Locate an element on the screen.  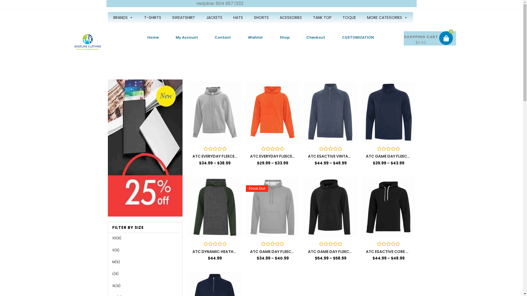
'ATC EVERYDAY FLEECE HOODED SWEATSHIRT. ATCF2500' is located at coordinates (273, 156).